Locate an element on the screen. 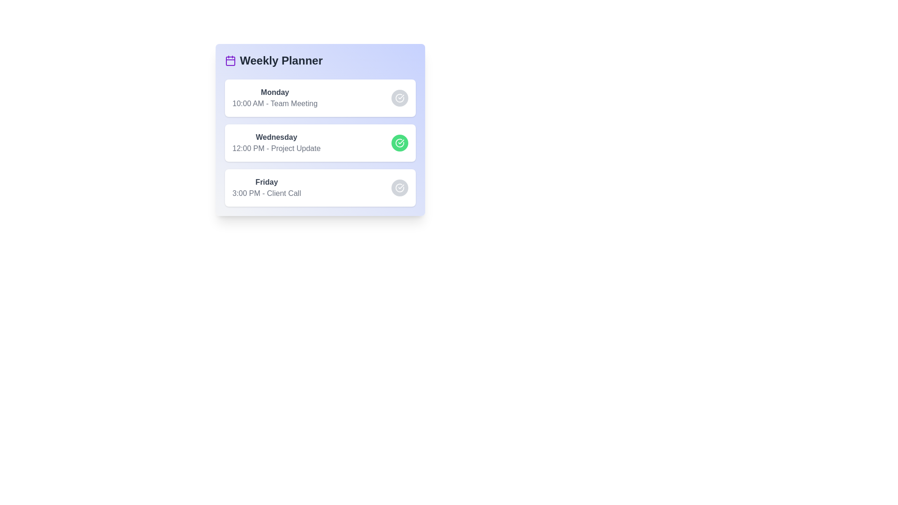 The image size is (898, 505). the task corresponding to Wednesday to observe visual changes is located at coordinates (320, 143).